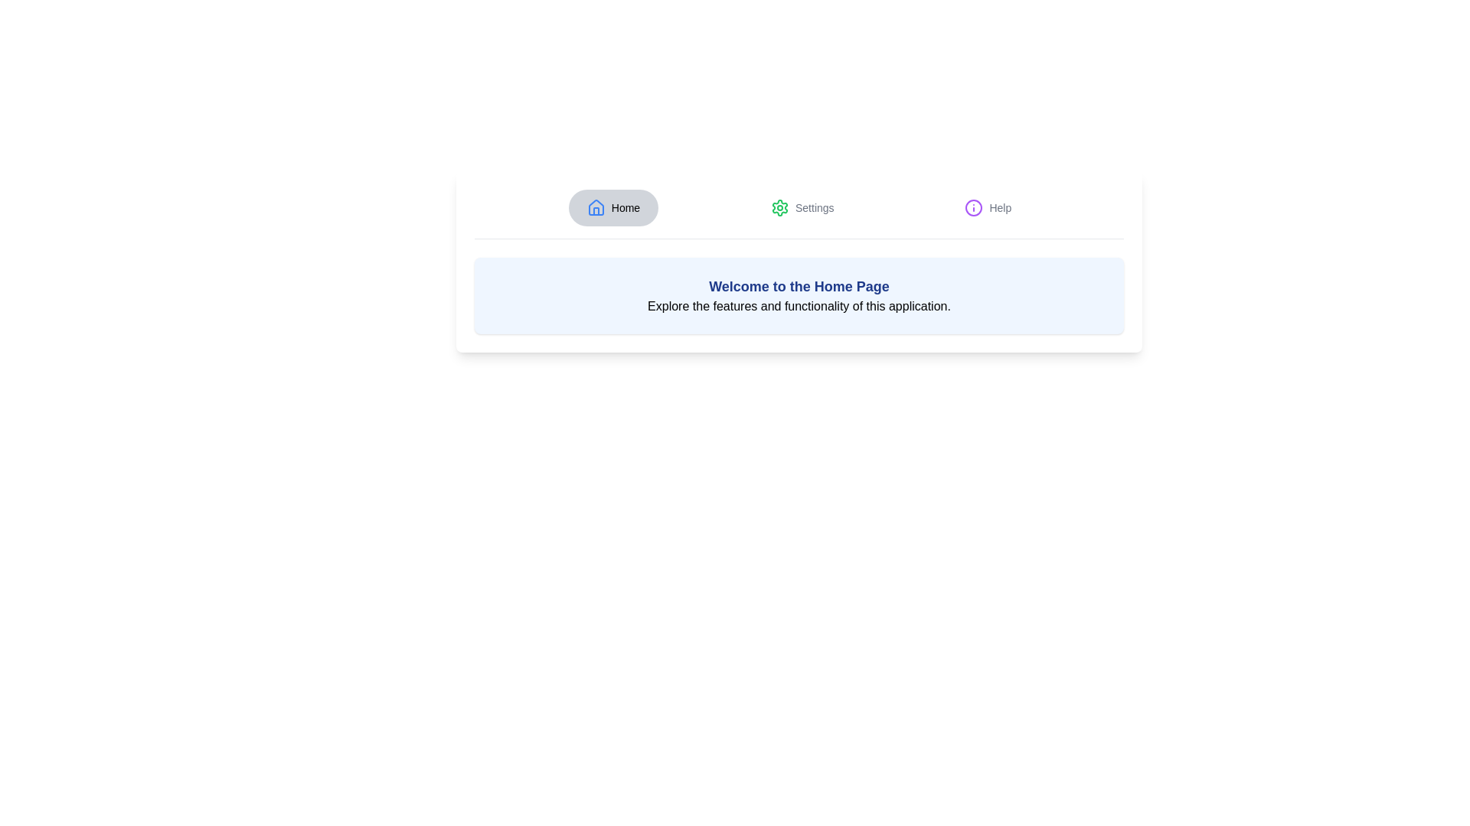 Image resolution: width=1470 pixels, height=826 pixels. Describe the element at coordinates (802, 208) in the screenshot. I see `the Settings tab by clicking on its button` at that location.